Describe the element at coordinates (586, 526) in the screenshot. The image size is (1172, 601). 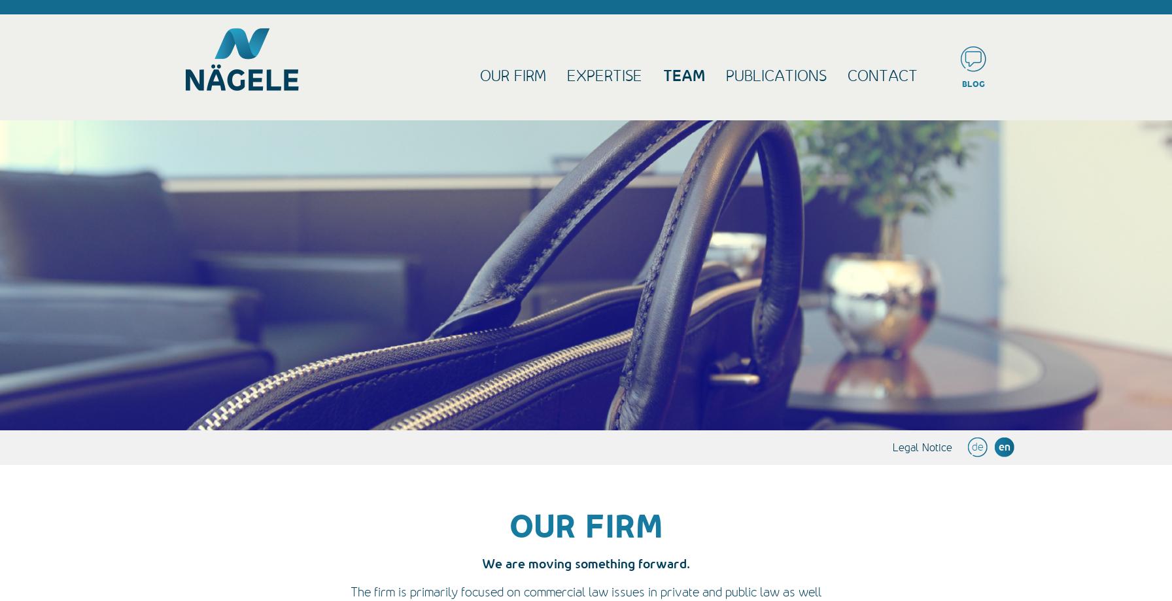
I see `'OUR FIRM'` at that location.